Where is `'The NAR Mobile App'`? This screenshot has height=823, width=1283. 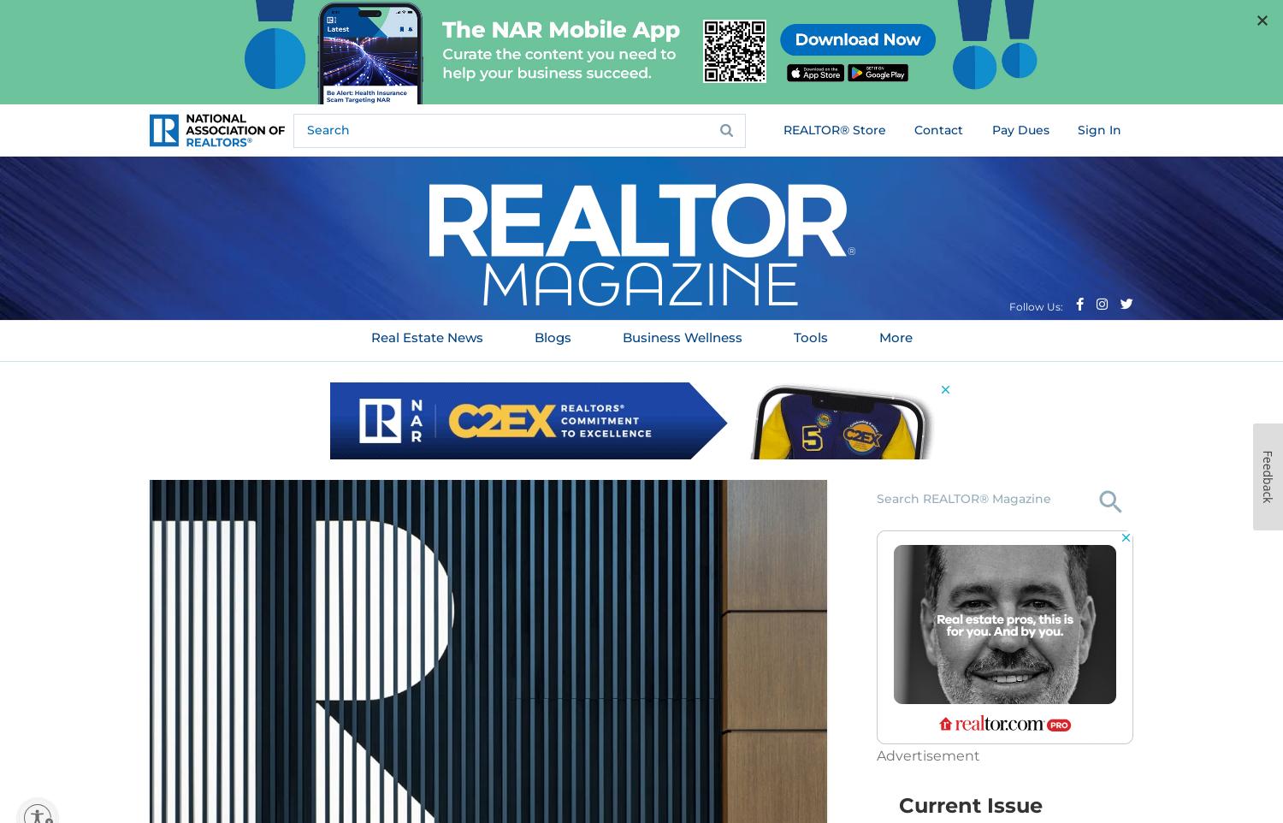 'The NAR Mobile App' is located at coordinates (112, 39).